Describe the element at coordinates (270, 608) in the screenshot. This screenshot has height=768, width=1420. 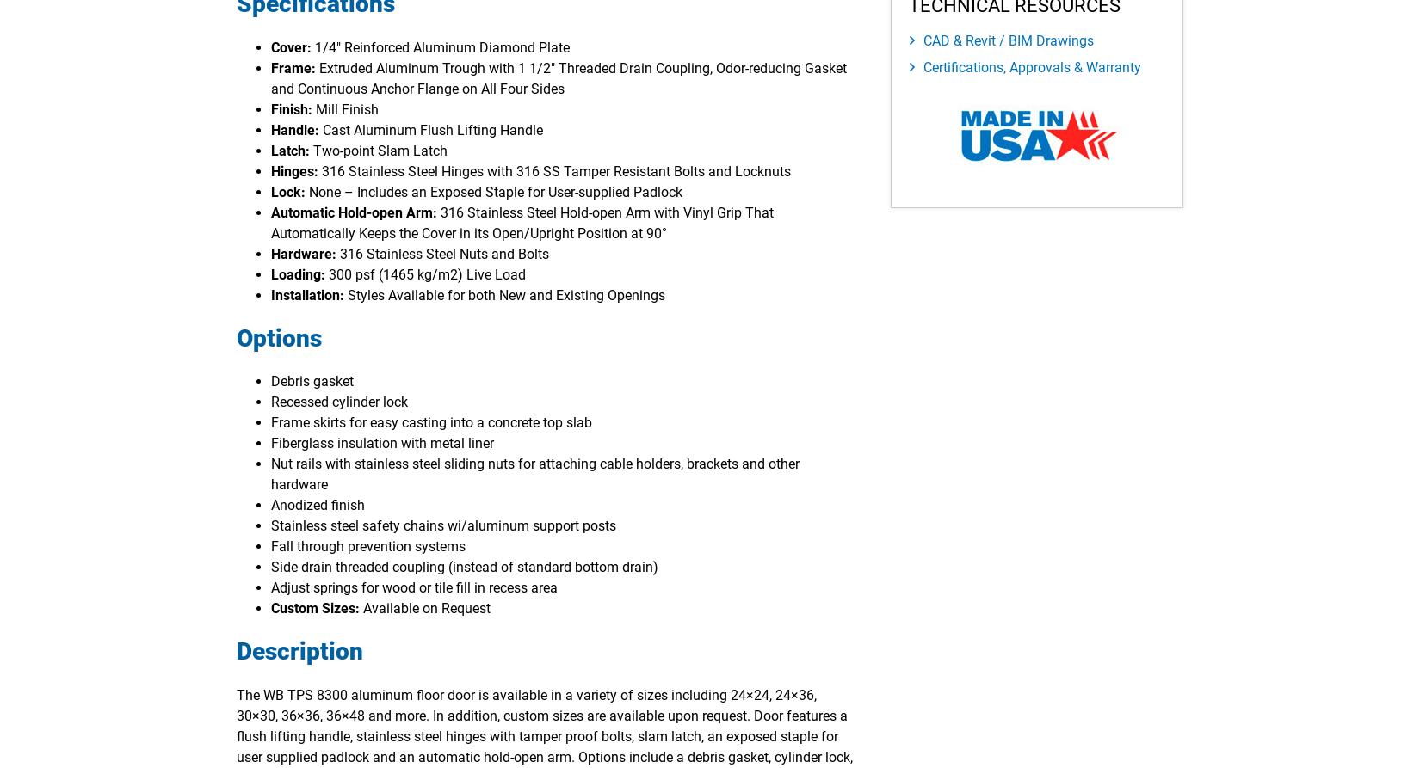
I see `'Custom Sizes:'` at that location.